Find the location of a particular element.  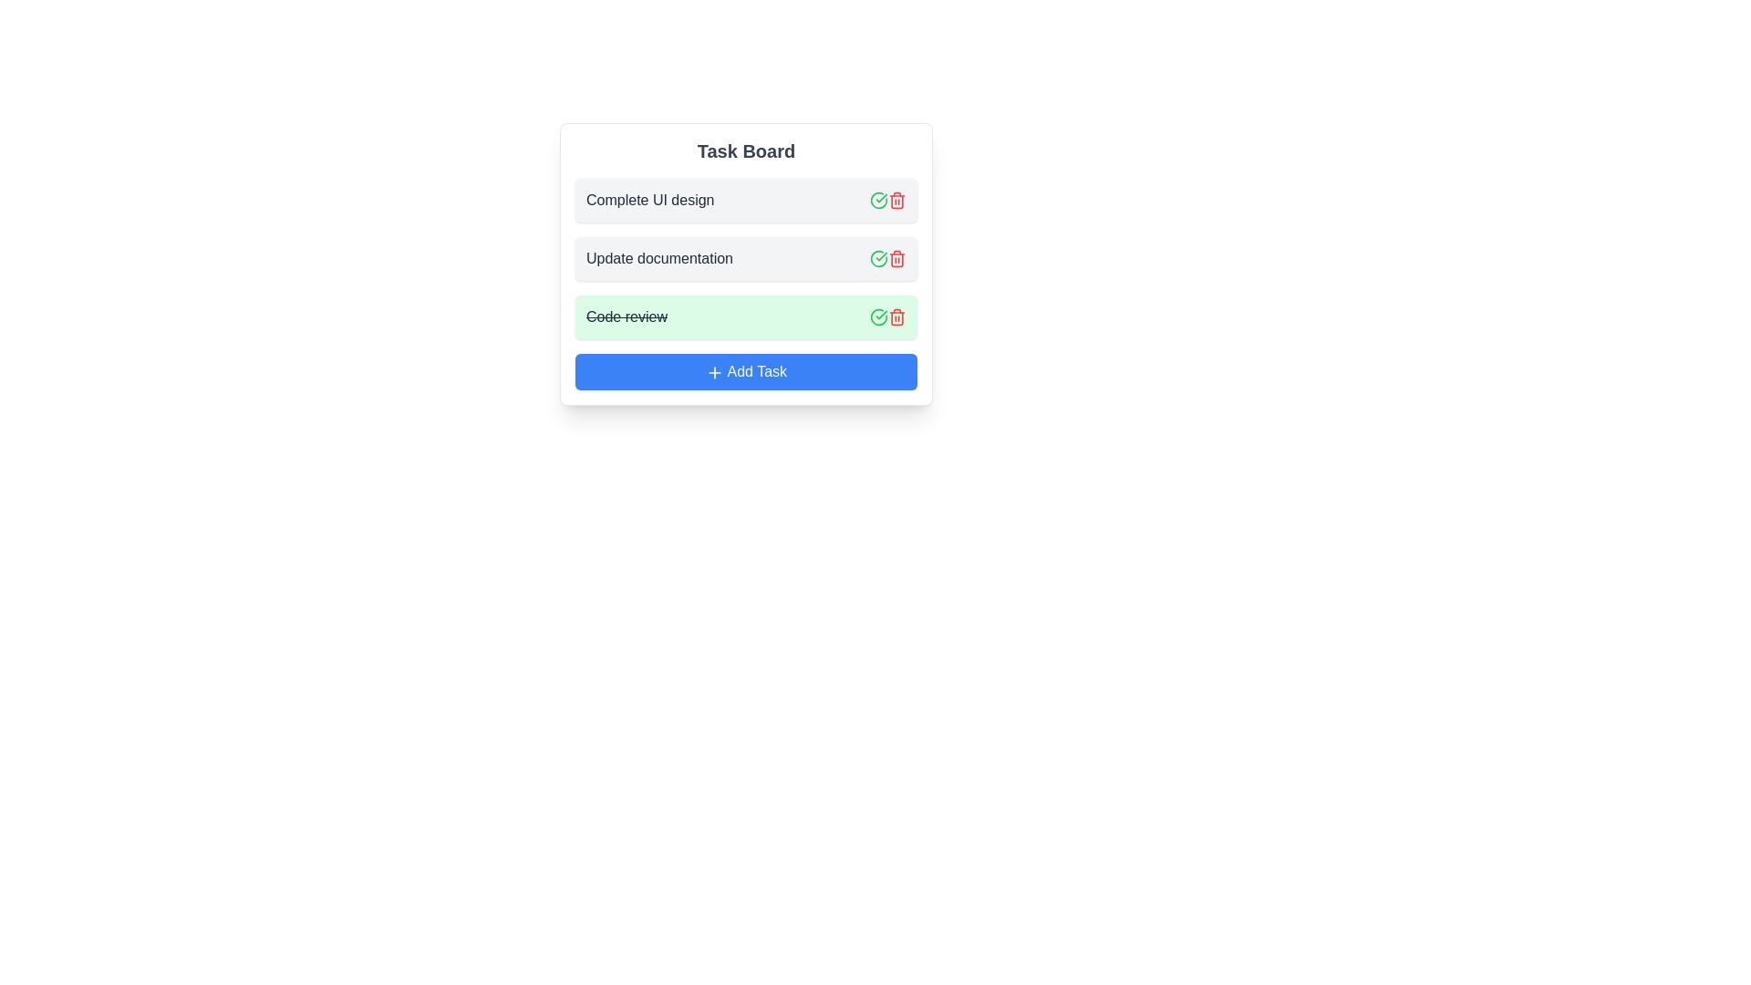

the green circular icon button with a check mark that is located on the right side of the task row labeled 'Complete UI design' to observe its styling change is located at coordinates (879, 200).